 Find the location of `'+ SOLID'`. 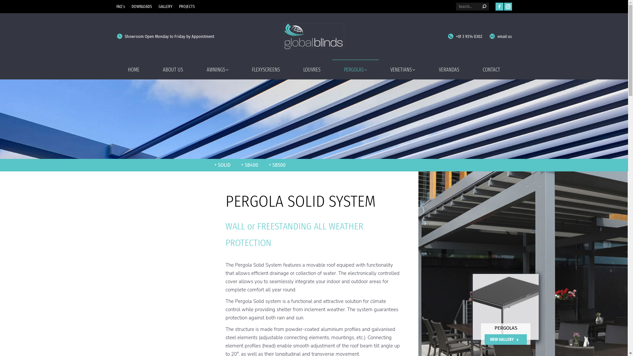

'+ SOLID' is located at coordinates (222, 165).